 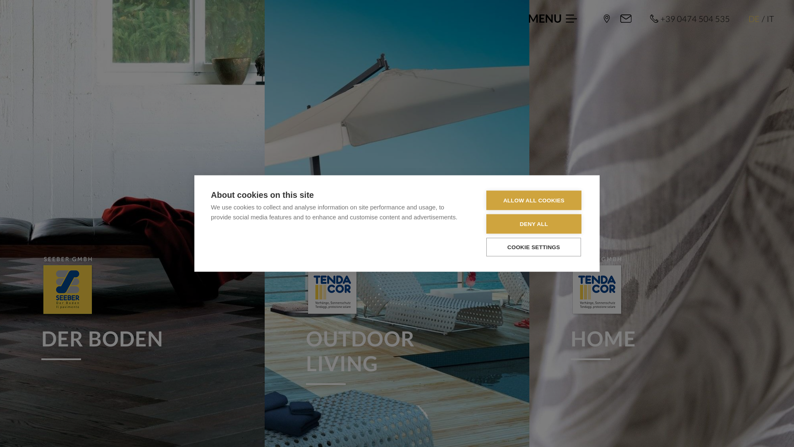 What do you see at coordinates (486, 224) in the screenshot?
I see `'DENY ALL'` at bounding box center [486, 224].